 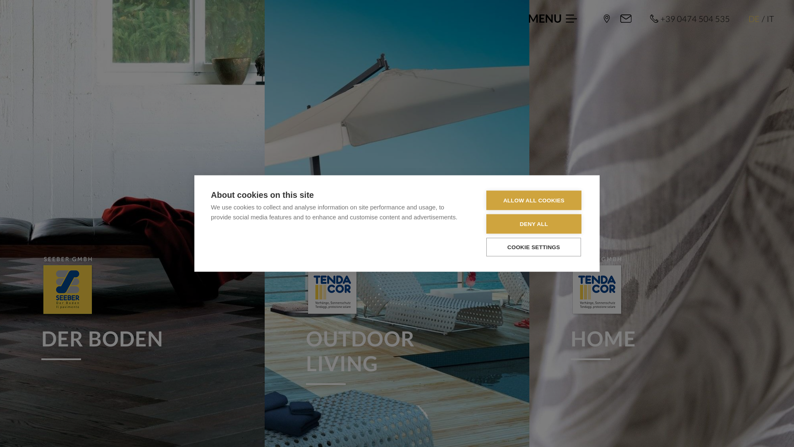 What do you see at coordinates (486, 224) in the screenshot?
I see `'DENY ALL'` at bounding box center [486, 224].